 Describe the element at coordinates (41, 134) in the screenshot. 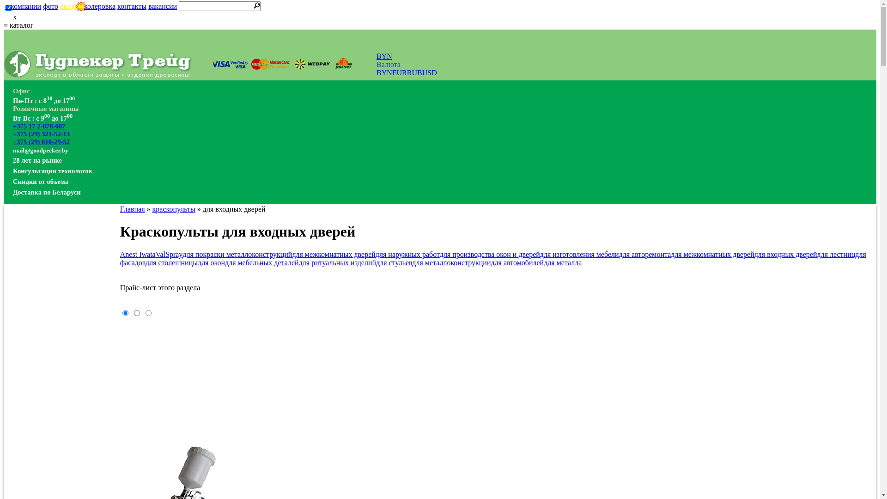

I see `'+375 (29) 321-52-13'` at that location.